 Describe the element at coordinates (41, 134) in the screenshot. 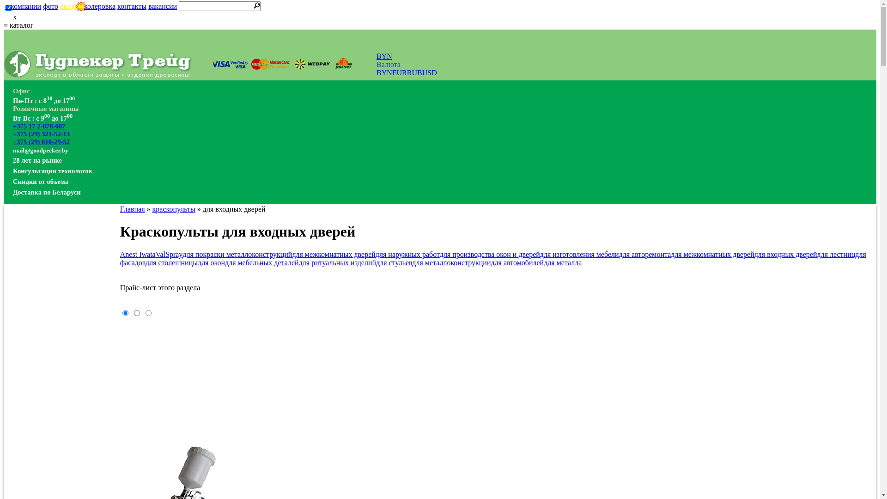

I see `'+375 (29) 321-52-13'` at that location.